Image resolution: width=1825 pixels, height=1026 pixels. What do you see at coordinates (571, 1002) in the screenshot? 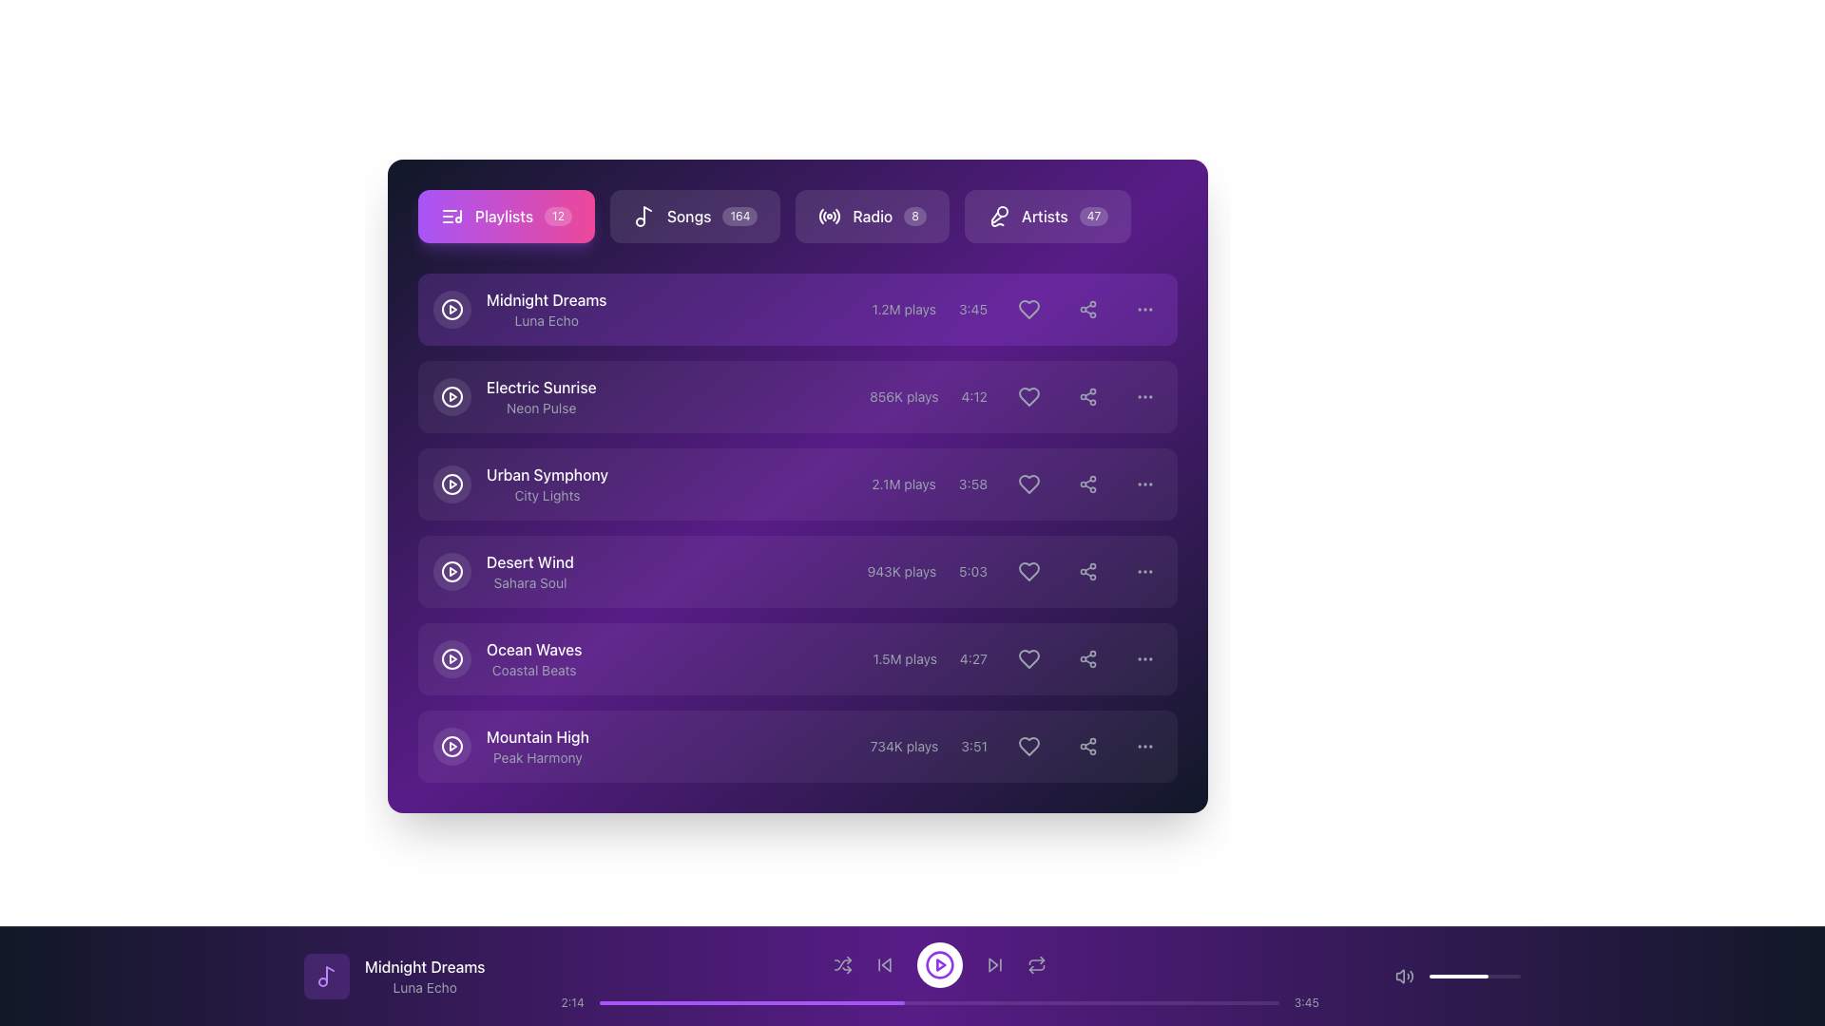
I see `the small text label displaying the time '2:14' in light gray color, located near the bottom left of the progress bar` at bounding box center [571, 1002].